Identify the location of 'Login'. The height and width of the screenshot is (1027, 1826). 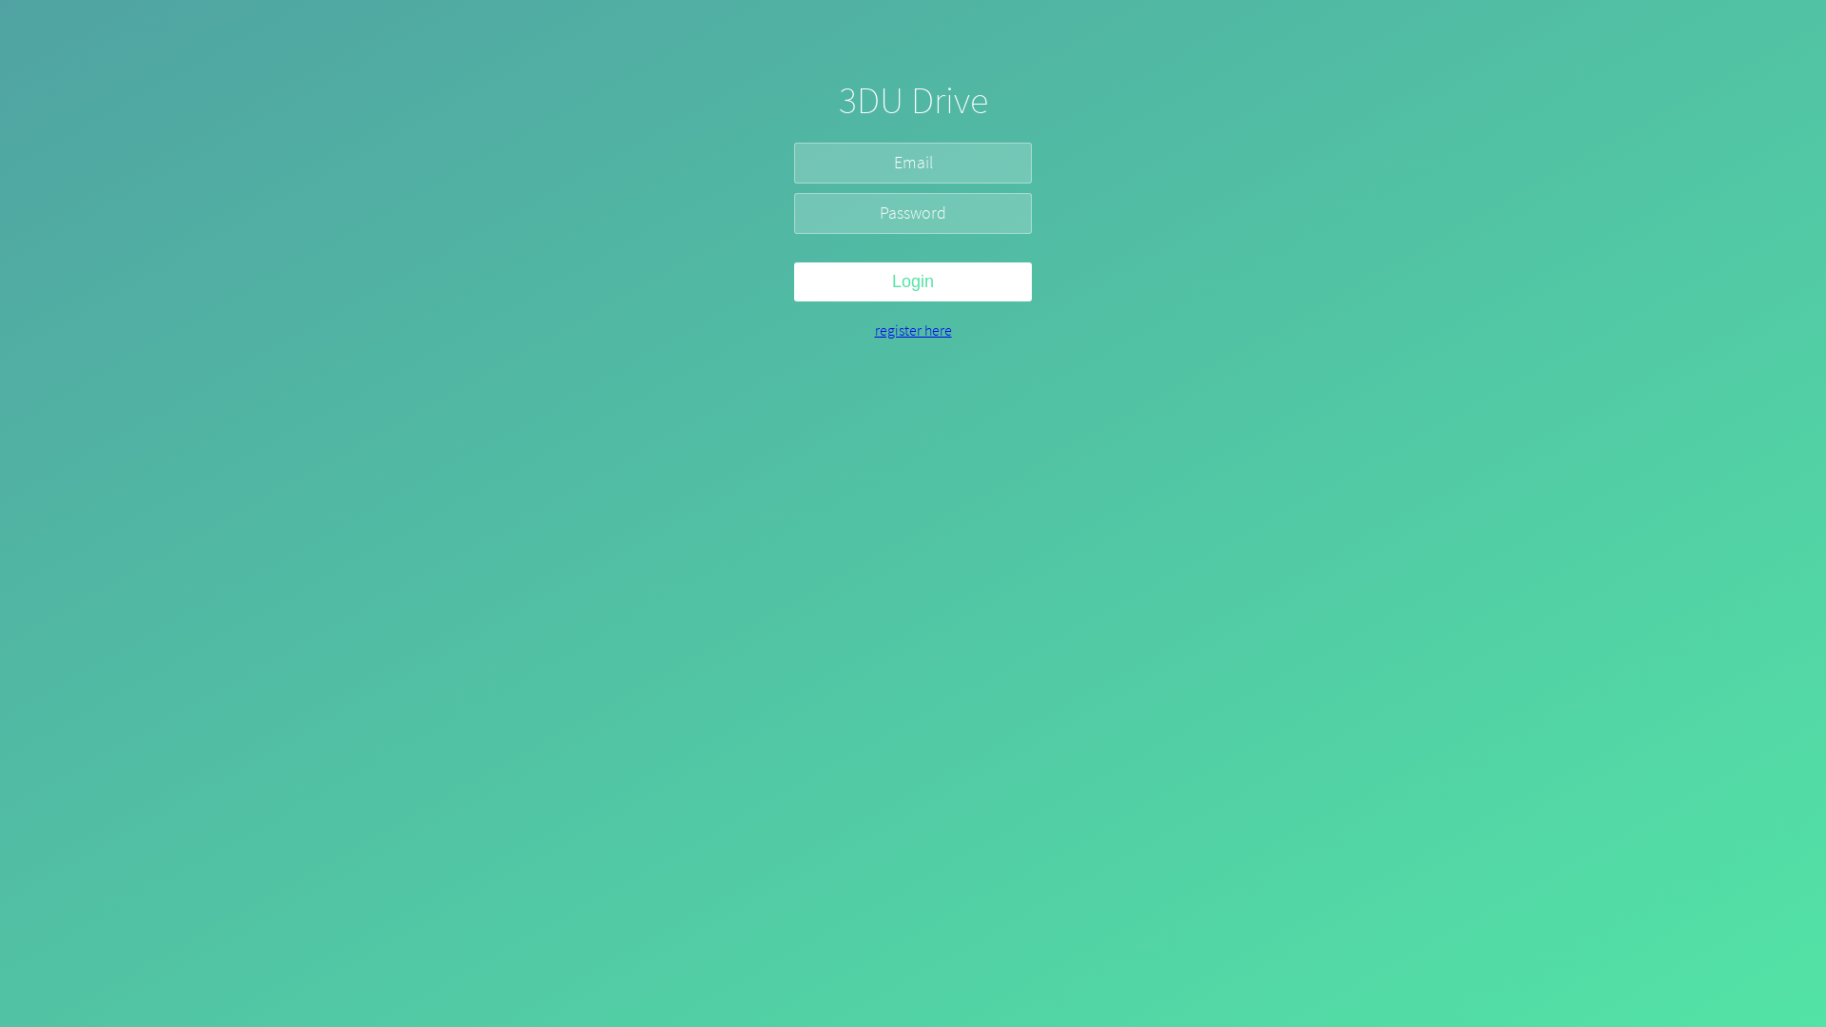
(913, 281).